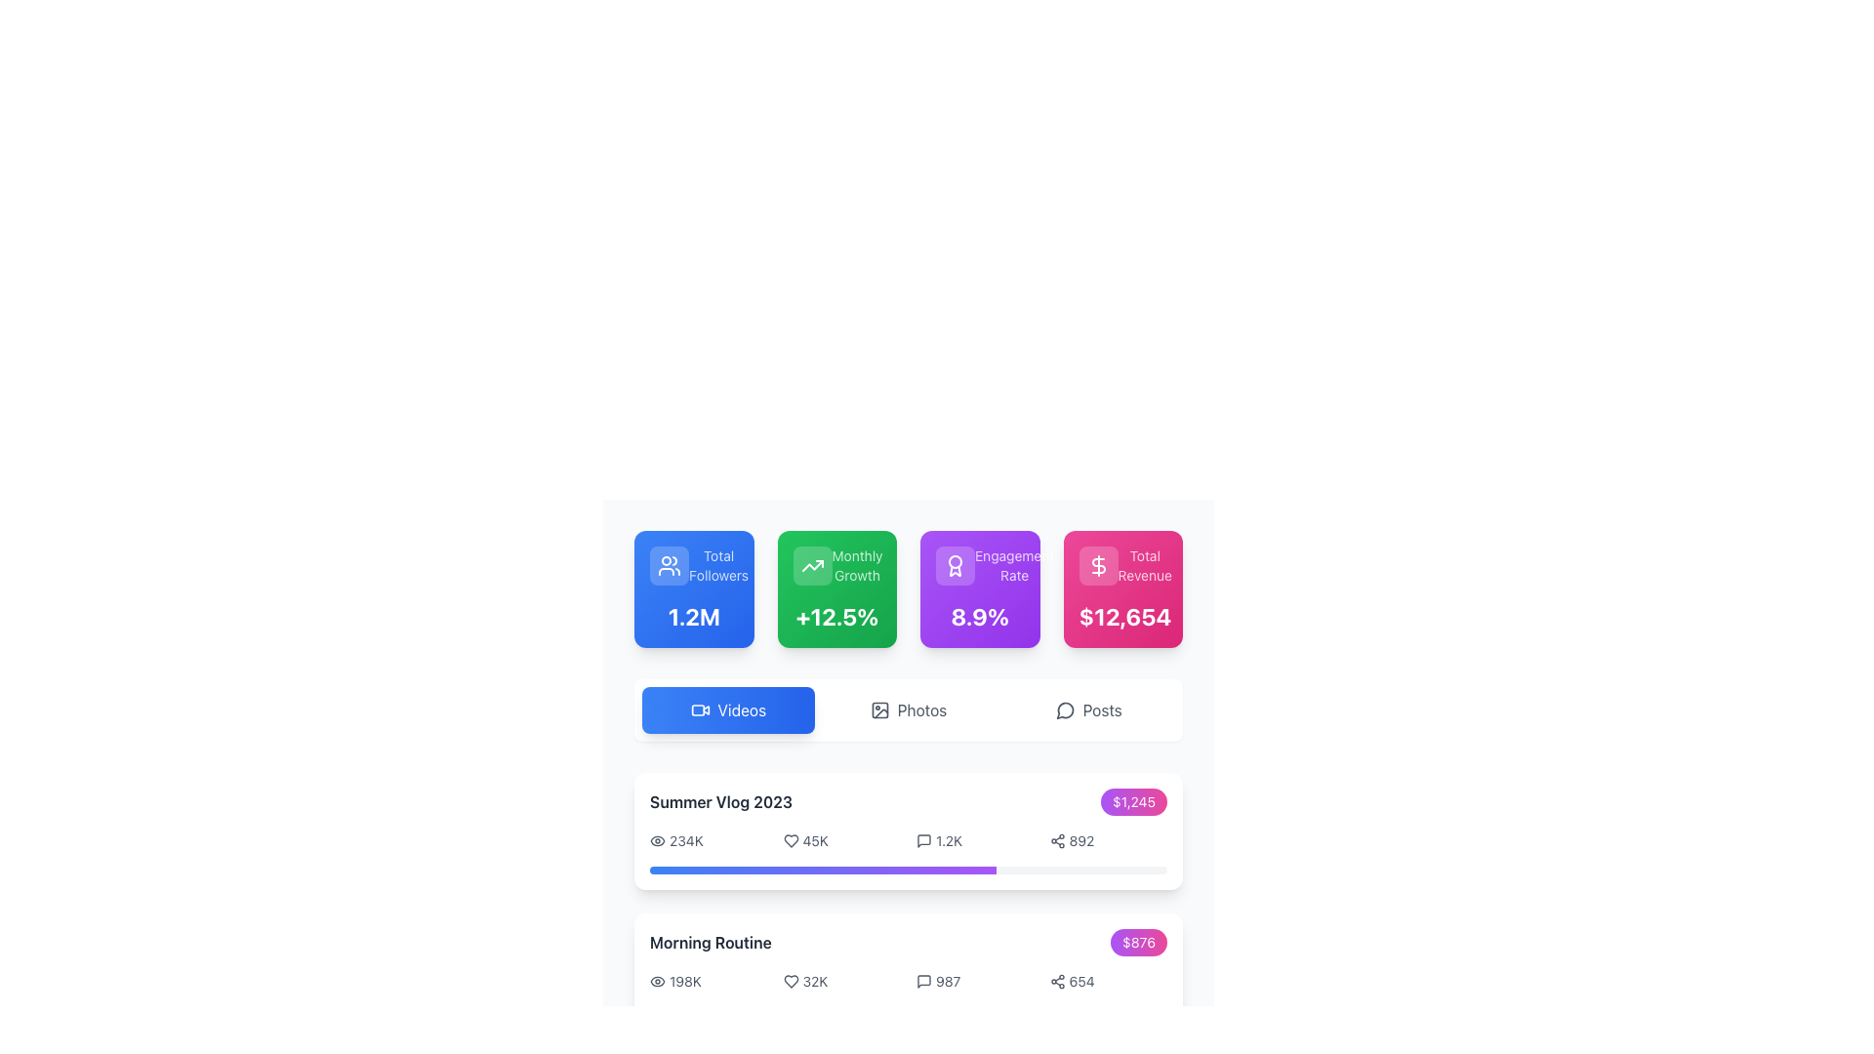  Describe the element at coordinates (908, 588) in the screenshot. I see `the Statistical Panel Group at the top-center of the grid layout` at that location.